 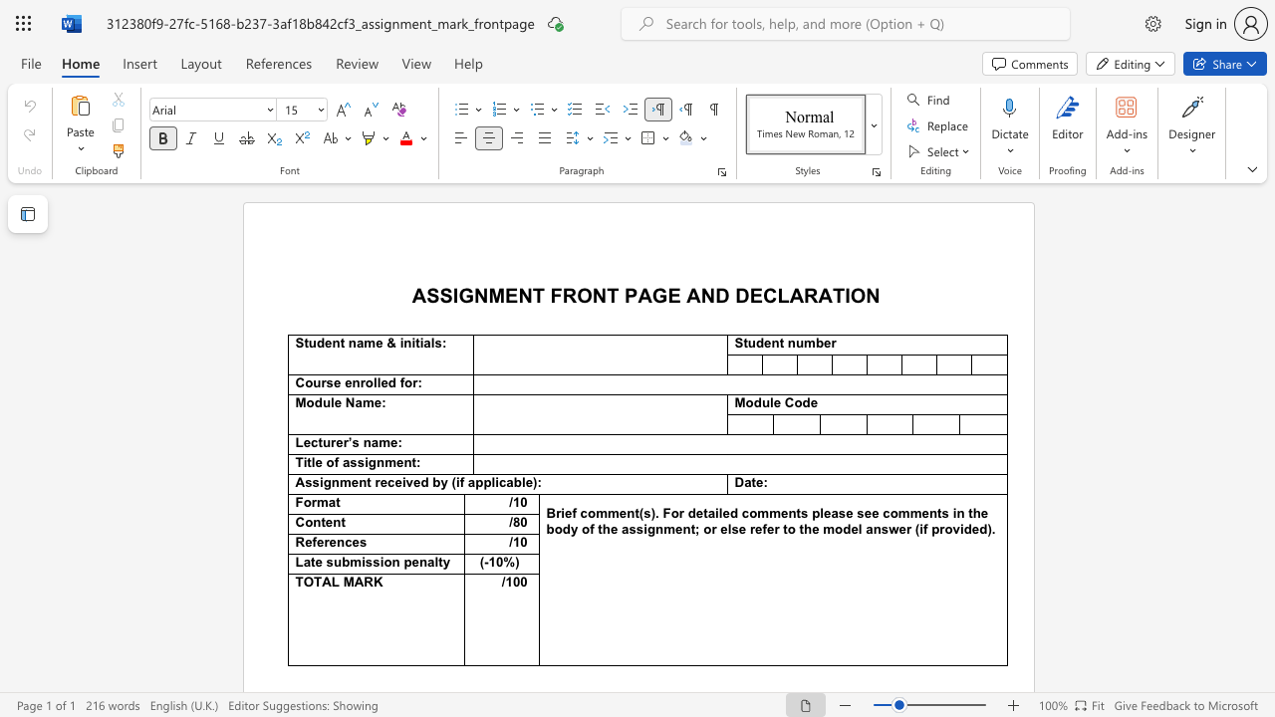 What do you see at coordinates (793, 403) in the screenshot?
I see `the subset text "od" within the text "Module Code"` at bounding box center [793, 403].